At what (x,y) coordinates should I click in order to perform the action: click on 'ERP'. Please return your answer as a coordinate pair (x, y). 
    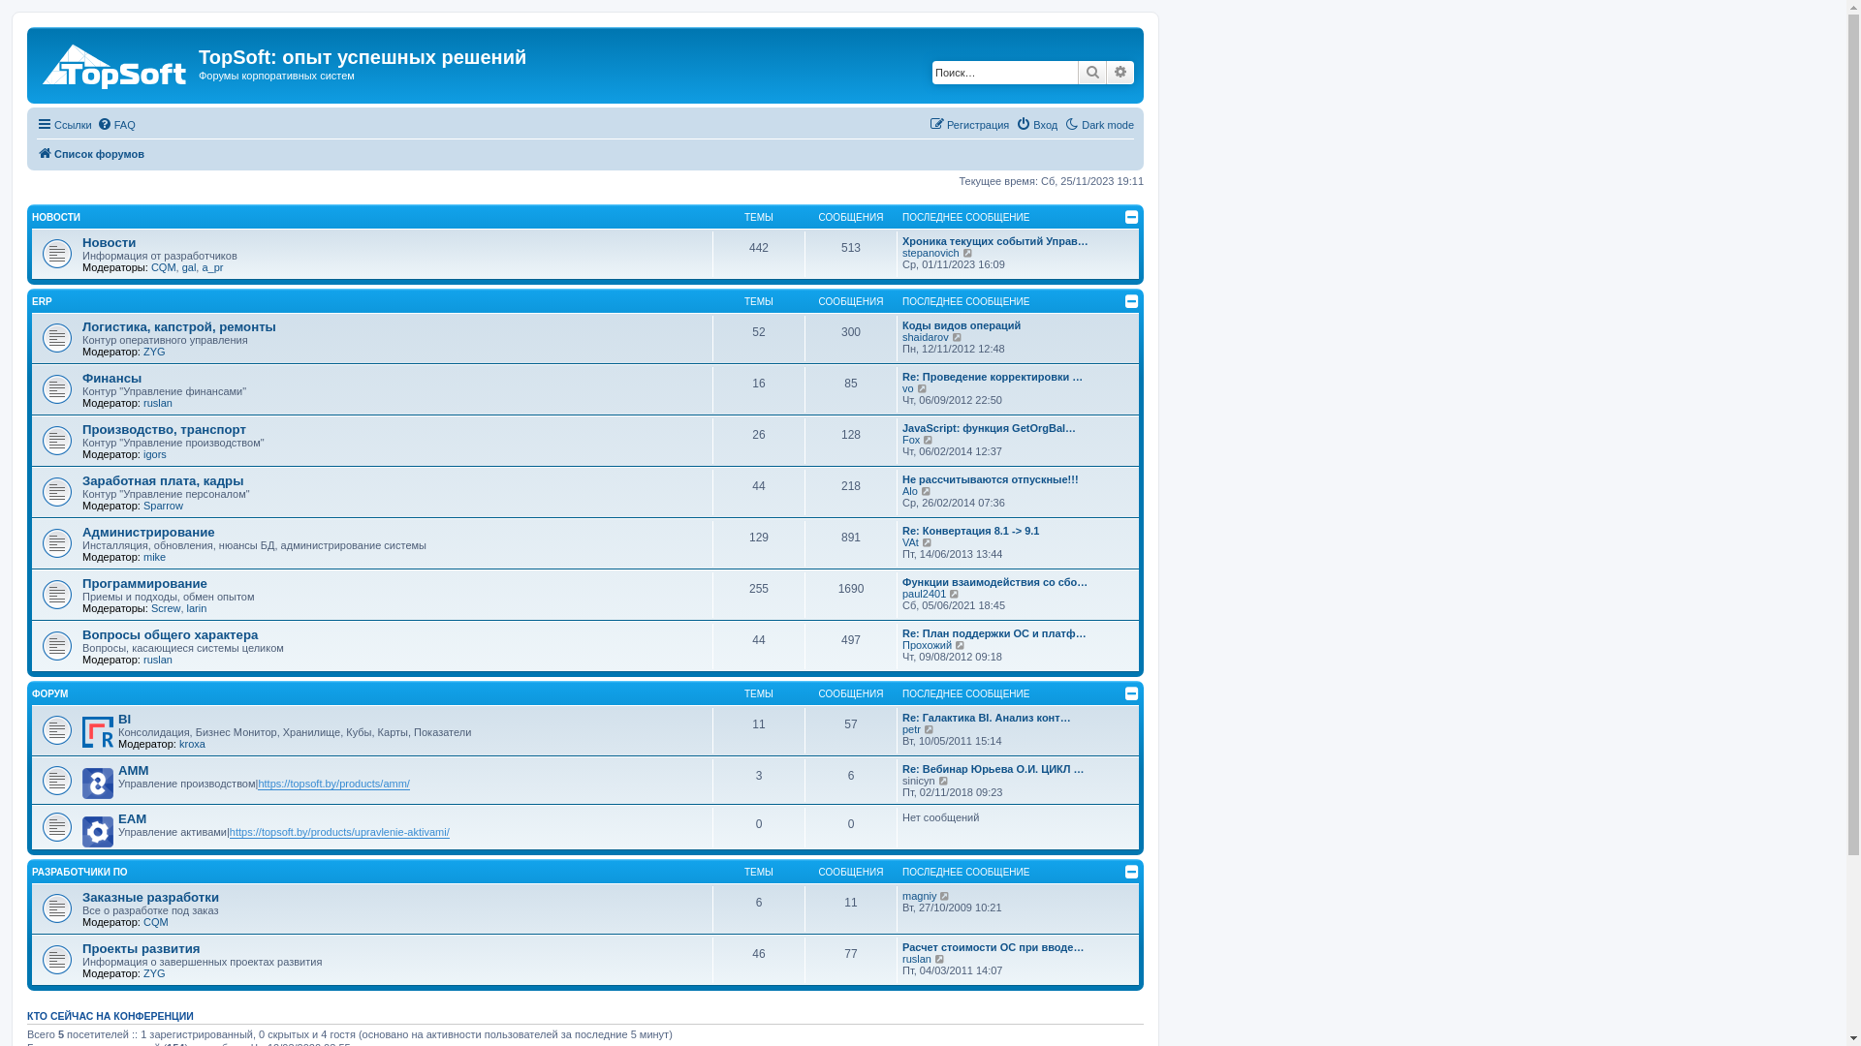
    Looking at the image, I should click on (42, 301).